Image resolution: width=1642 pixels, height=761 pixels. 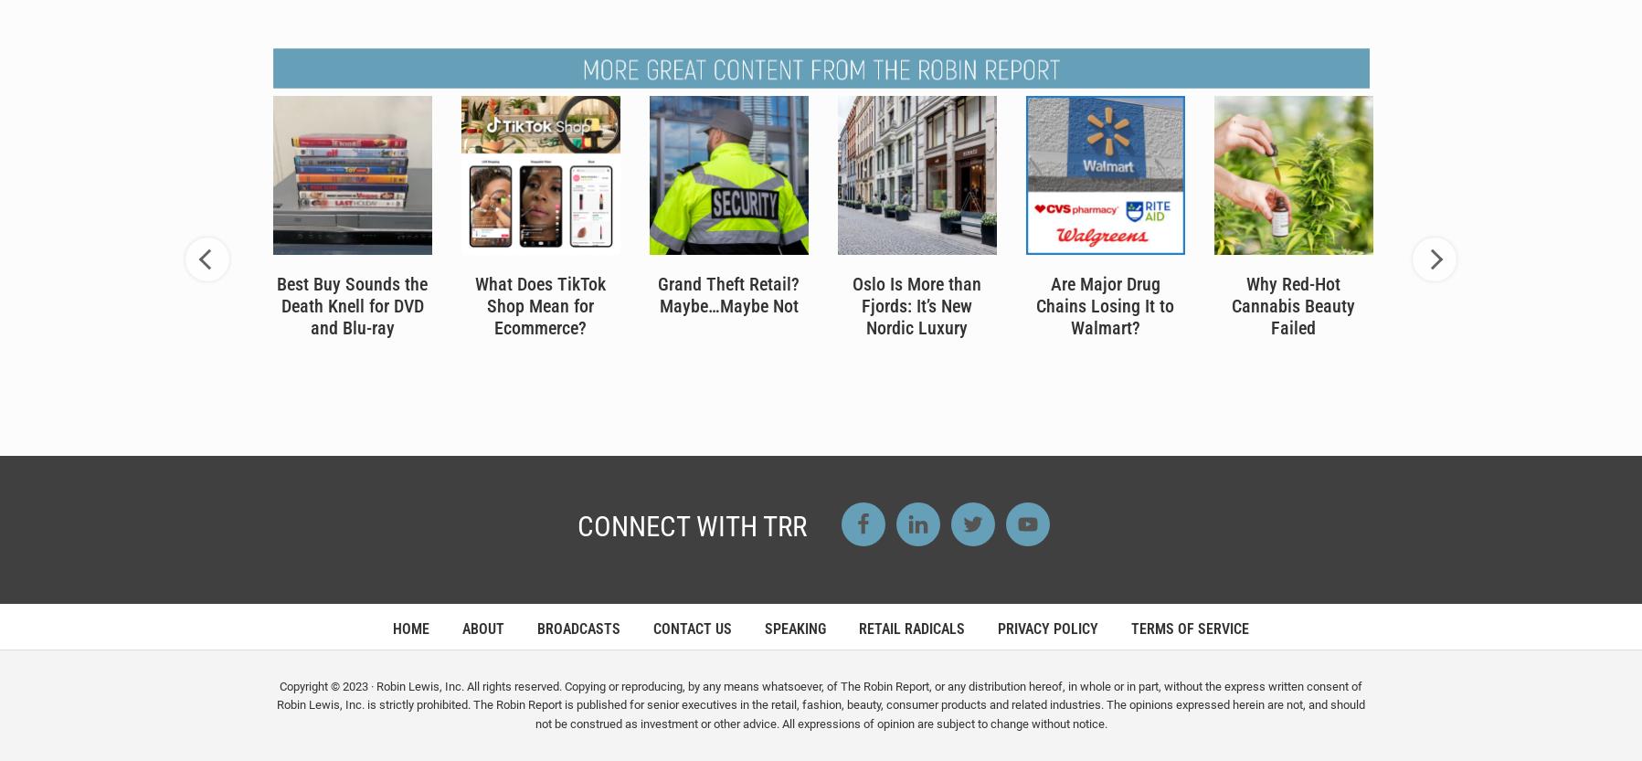 I want to click on 'Are Major Drug Chains Losing It to Walmart?', so click(x=1104, y=305).